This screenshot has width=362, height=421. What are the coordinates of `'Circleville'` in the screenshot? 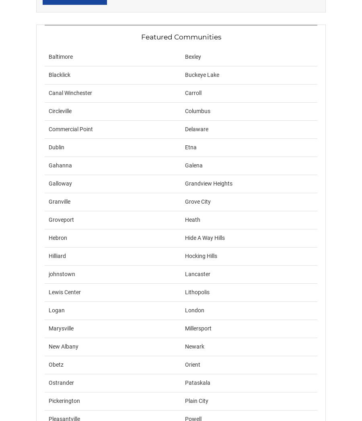 It's located at (60, 111).